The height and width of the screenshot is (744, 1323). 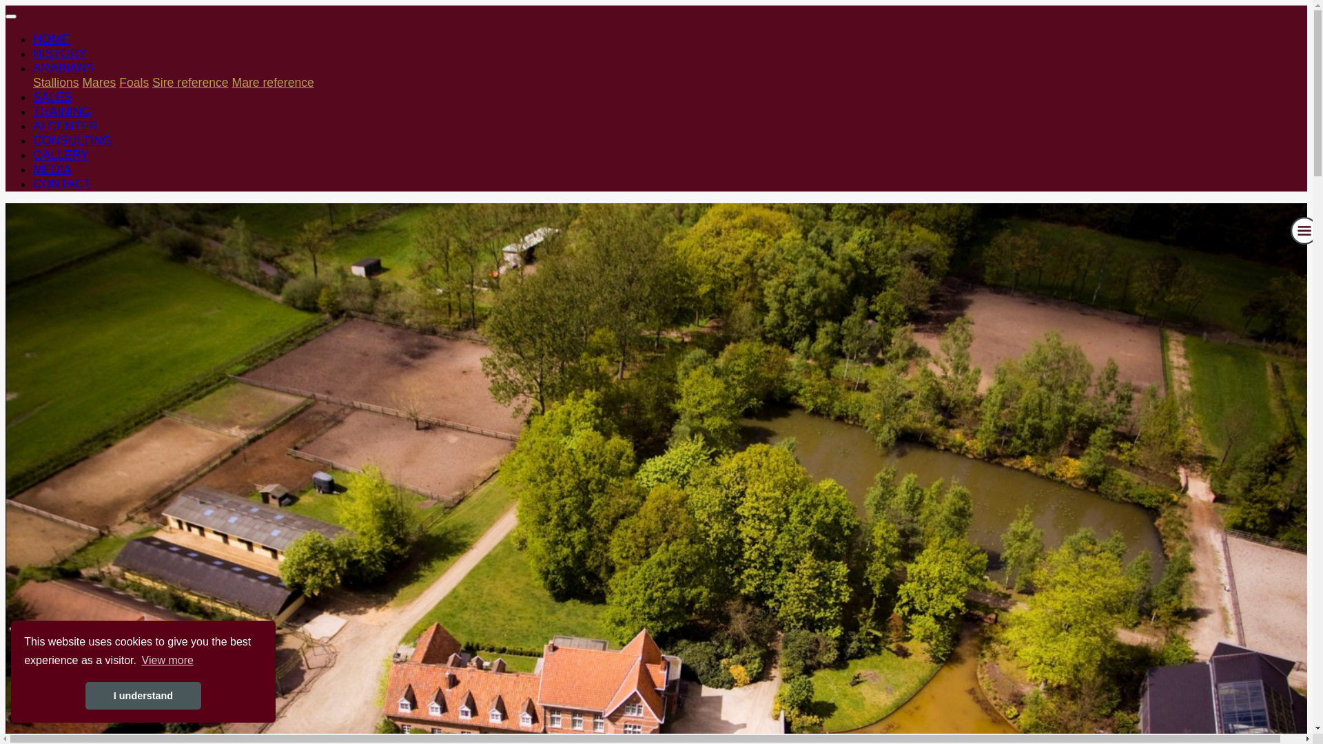 I want to click on 'HOME', so click(x=33, y=39).